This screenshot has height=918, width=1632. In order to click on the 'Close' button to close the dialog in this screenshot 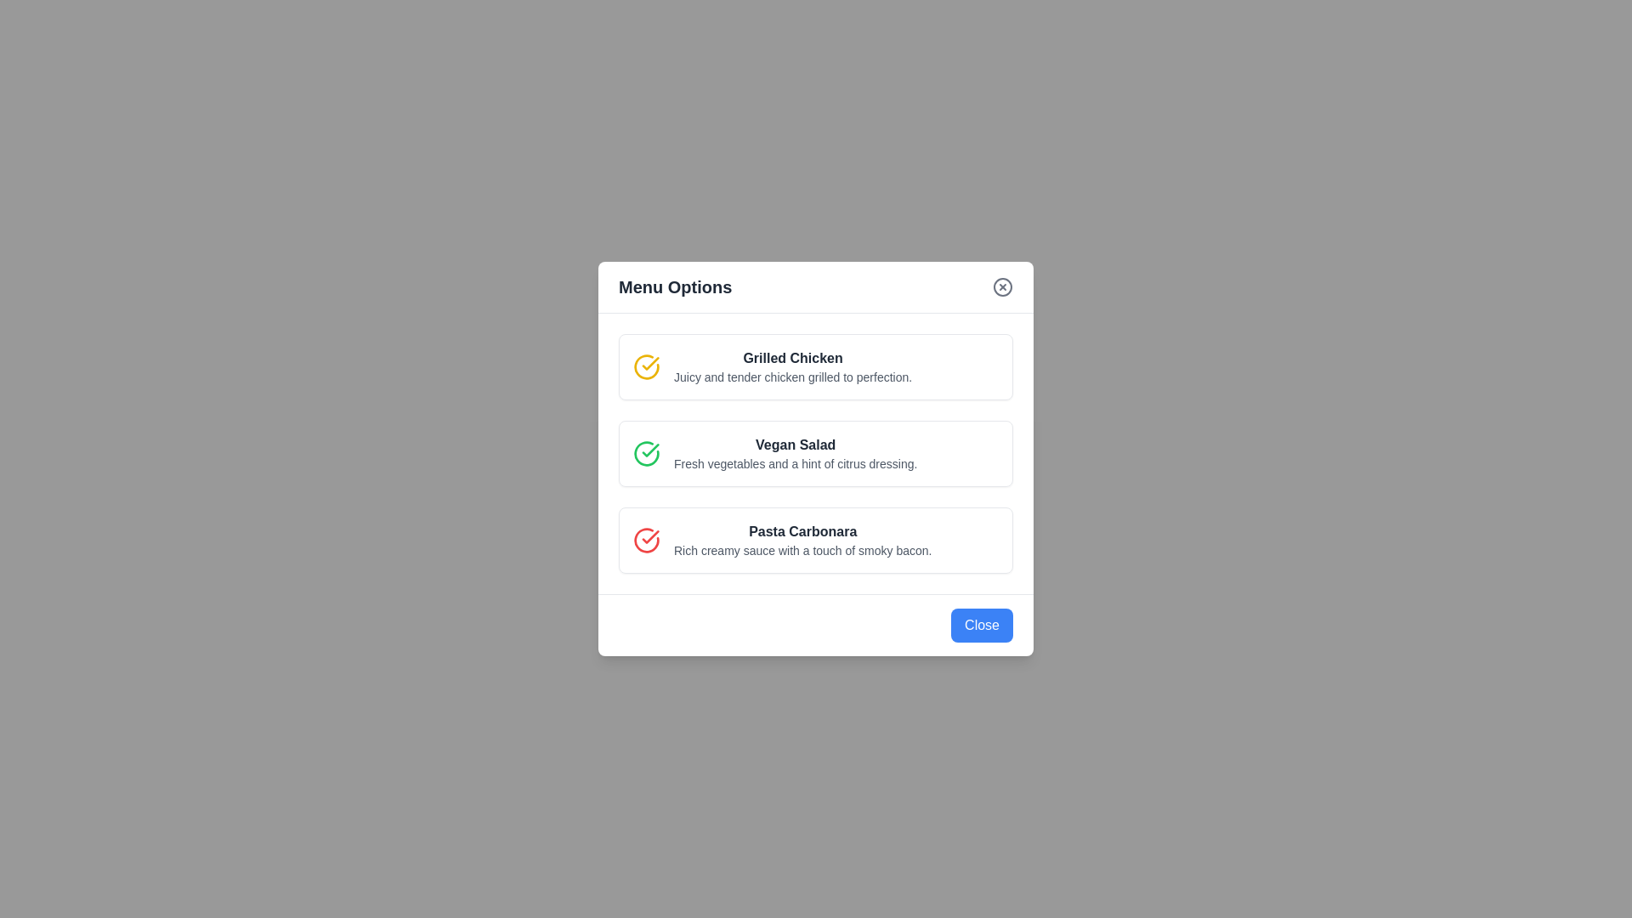, I will do `click(982, 626)`.